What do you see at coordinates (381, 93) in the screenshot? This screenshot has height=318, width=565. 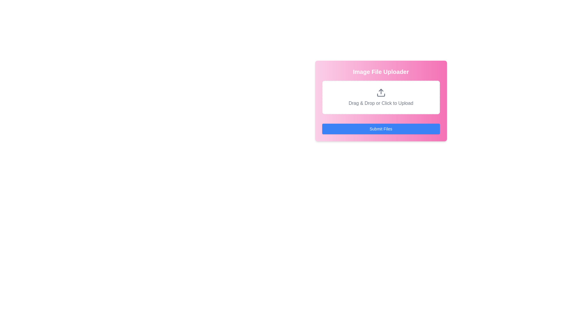 I see `the upload icon located at the top-center of the 'Drag & Drop or Click to Upload' section` at bounding box center [381, 93].